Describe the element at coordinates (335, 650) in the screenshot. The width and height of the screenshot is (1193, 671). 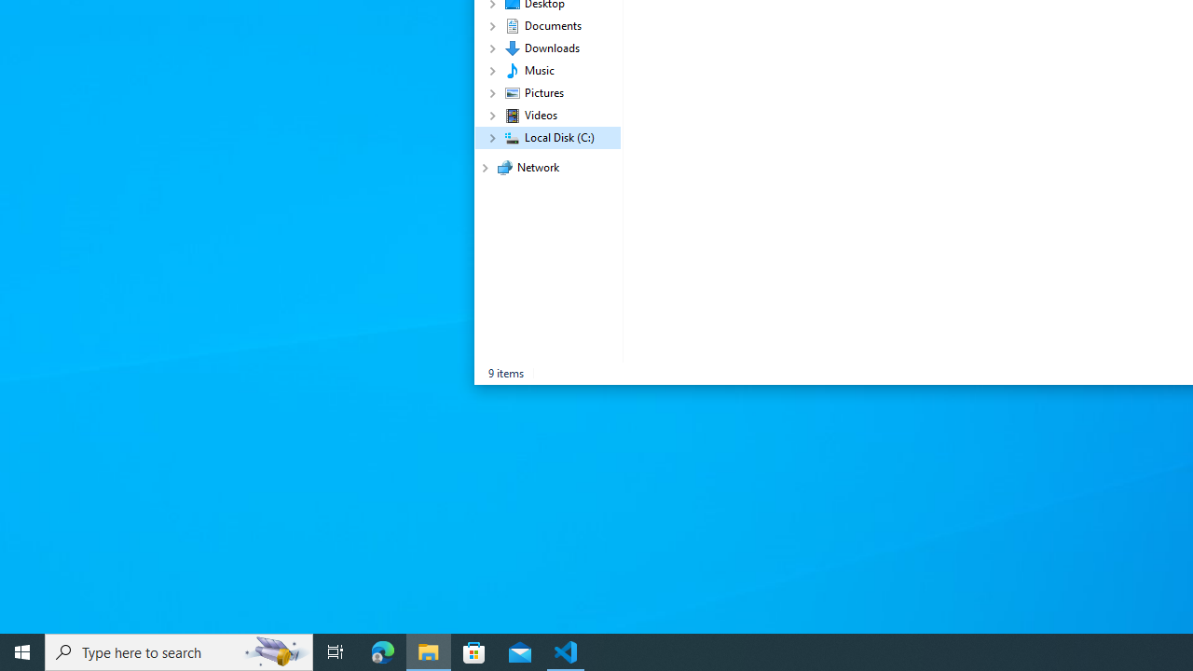
I see `'Task View'` at that location.